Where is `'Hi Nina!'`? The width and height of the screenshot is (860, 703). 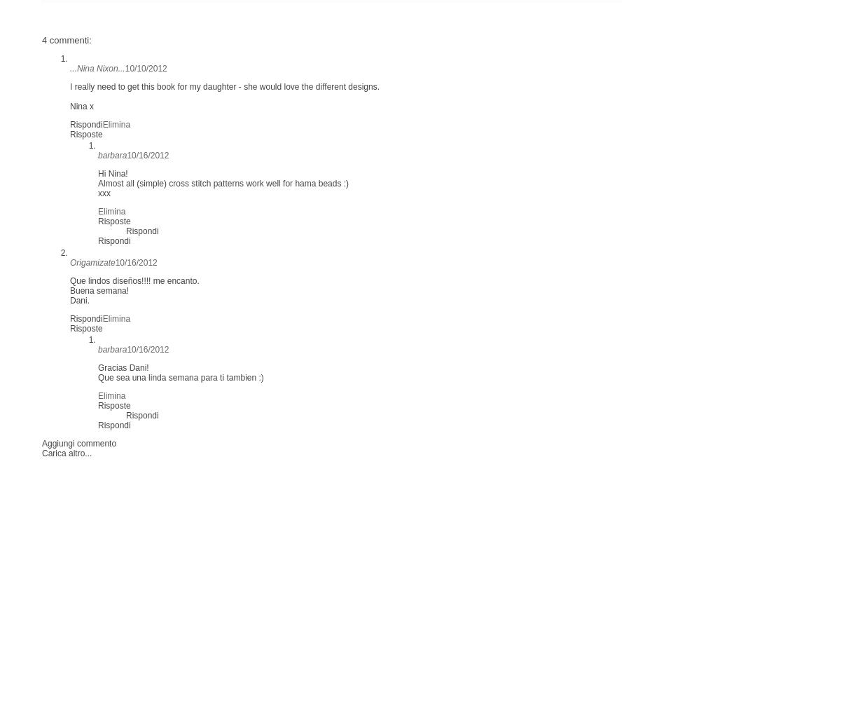
'Hi Nina!' is located at coordinates (111, 174).